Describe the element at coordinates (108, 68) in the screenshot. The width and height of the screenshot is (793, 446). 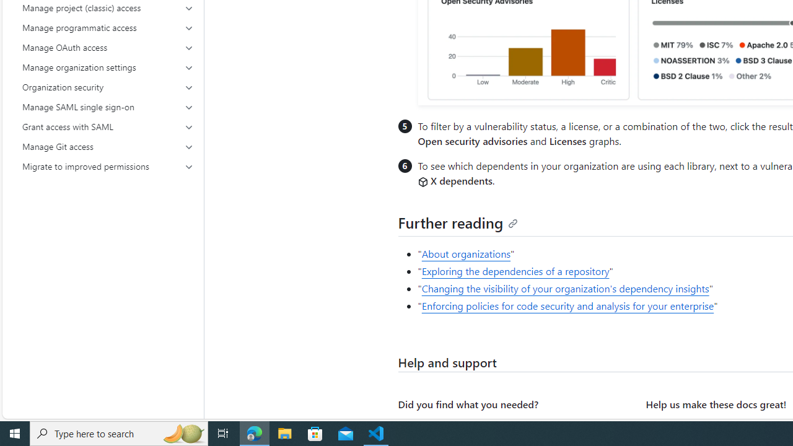
I see `'Manage organization settings'` at that location.